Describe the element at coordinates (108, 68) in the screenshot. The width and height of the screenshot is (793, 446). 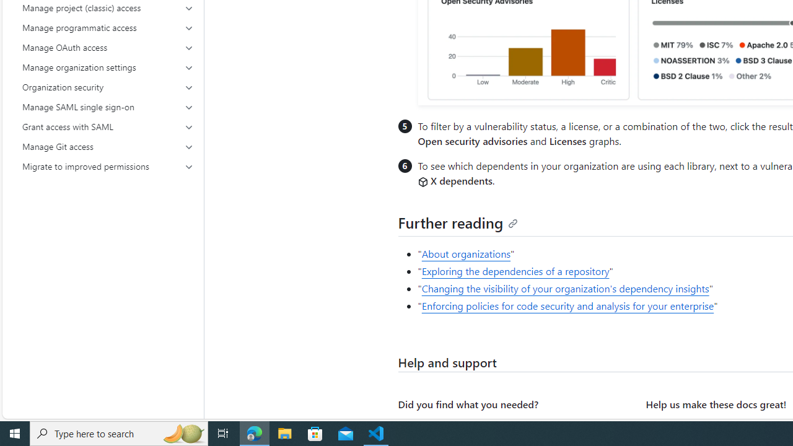
I see `'Manage organization settings'` at that location.